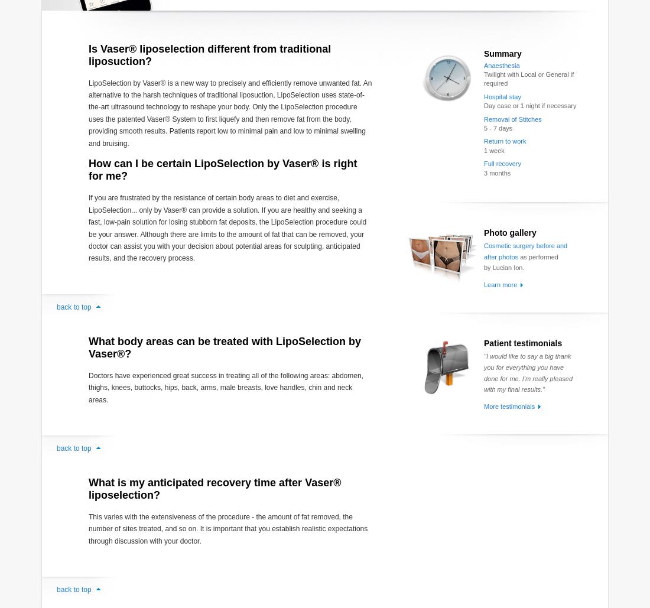 The image size is (650, 608). Describe the element at coordinates (88, 54) in the screenshot. I see `'Is Vaser® liposelection different from traditional liposuction?'` at that location.